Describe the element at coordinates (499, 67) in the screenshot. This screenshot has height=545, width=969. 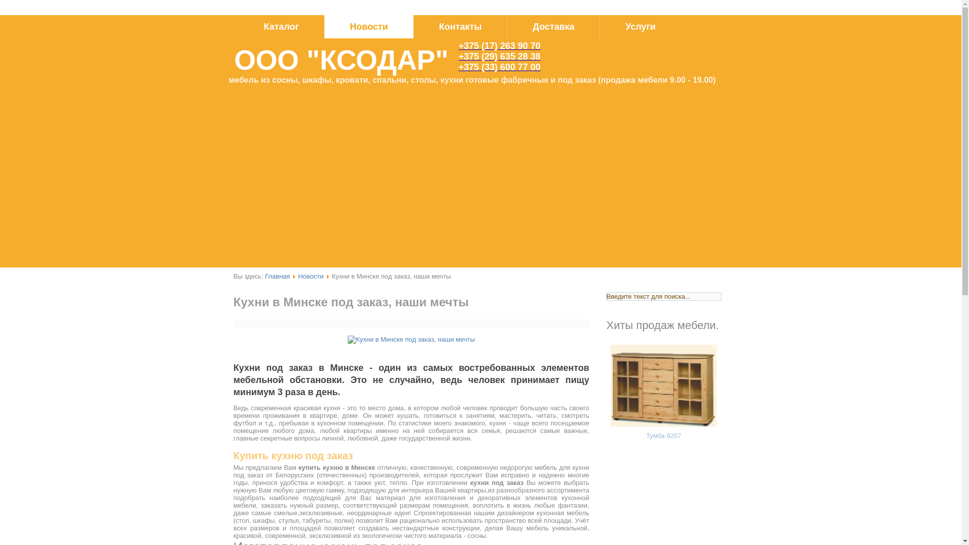
I see `'+375 (33) 600 77 00'` at that location.